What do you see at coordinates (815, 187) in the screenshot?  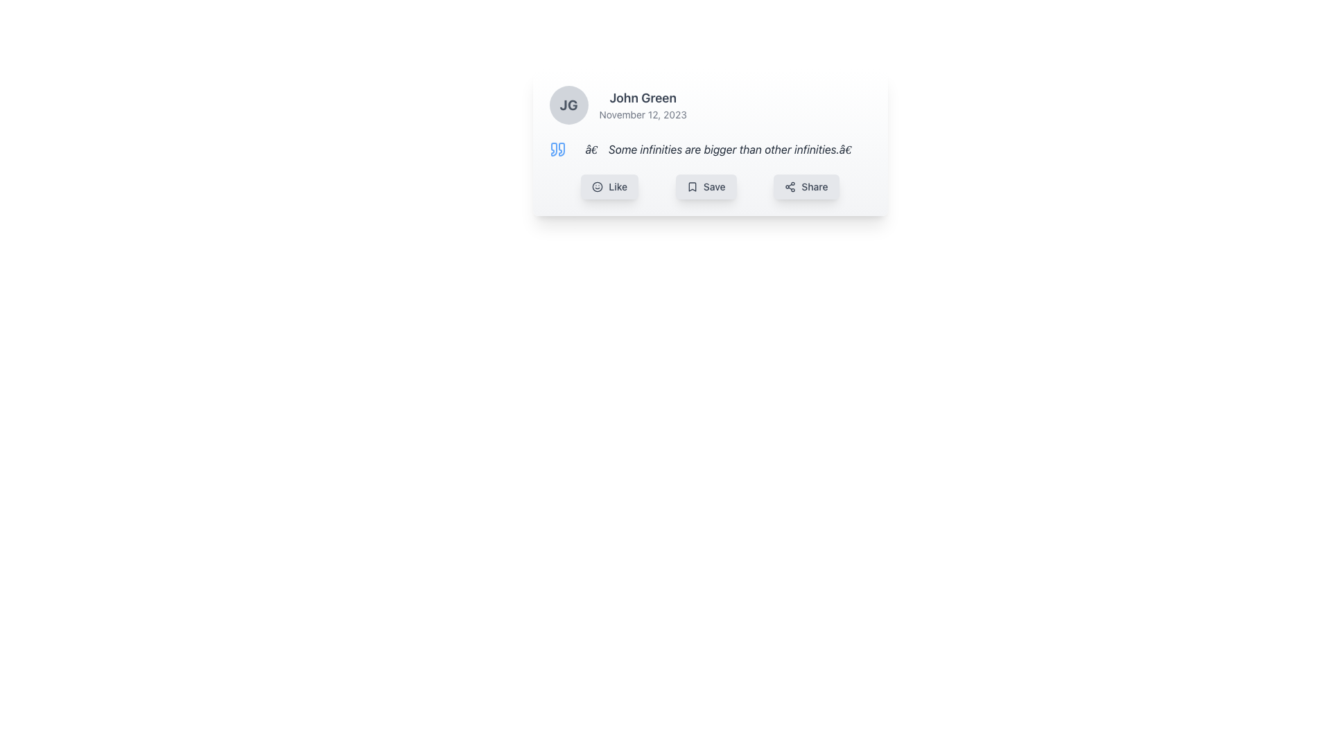 I see `the last button in the horizontal row of three interactive buttons beneath the quote text in the card layout` at bounding box center [815, 187].